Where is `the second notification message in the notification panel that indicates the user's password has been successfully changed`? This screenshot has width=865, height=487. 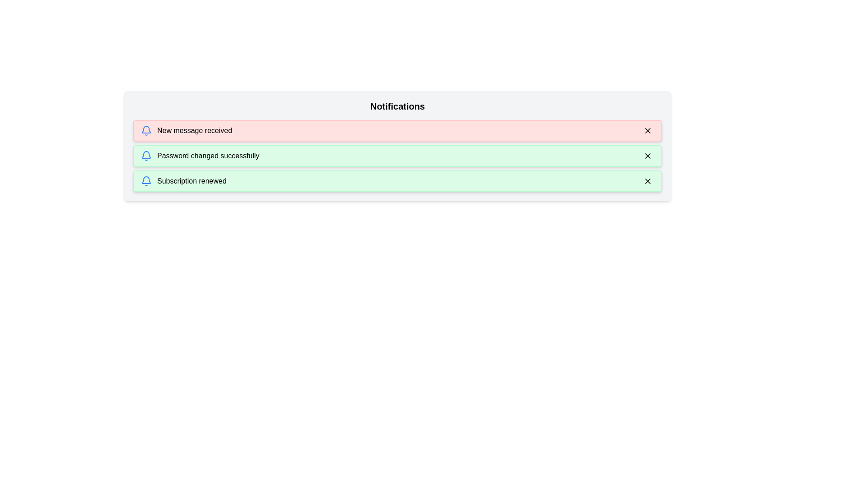
the second notification message in the notification panel that indicates the user's password has been successfully changed is located at coordinates (208, 156).